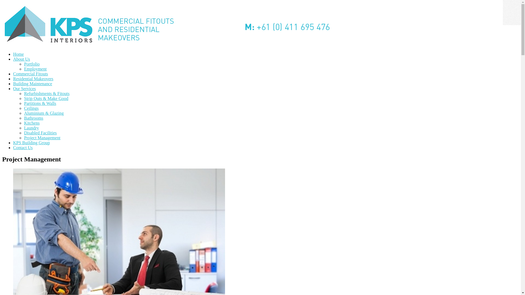  I want to click on 'Building Maintenance', so click(32, 84).